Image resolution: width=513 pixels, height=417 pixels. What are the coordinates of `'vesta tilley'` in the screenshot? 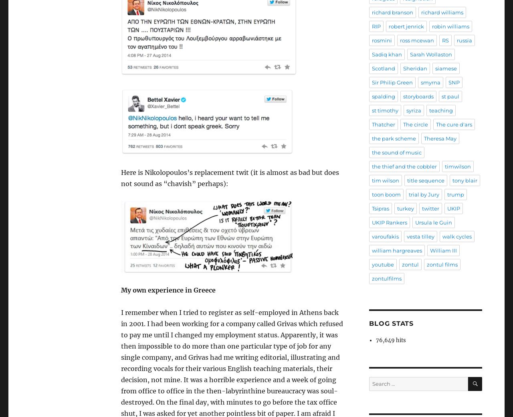 It's located at (420, 236).